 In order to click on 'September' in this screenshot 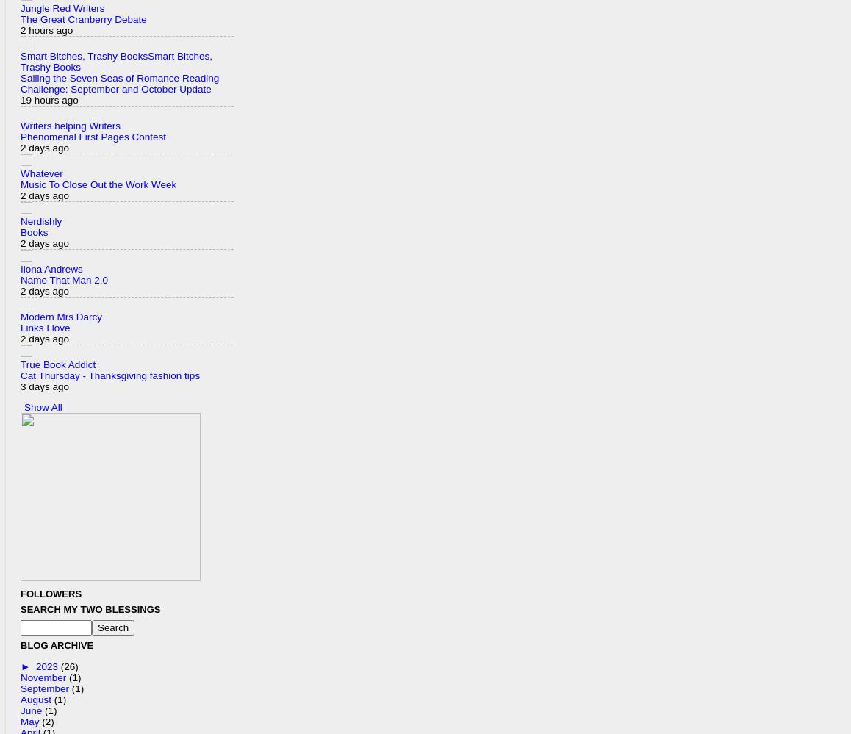, I will do `click(46, 688)`.